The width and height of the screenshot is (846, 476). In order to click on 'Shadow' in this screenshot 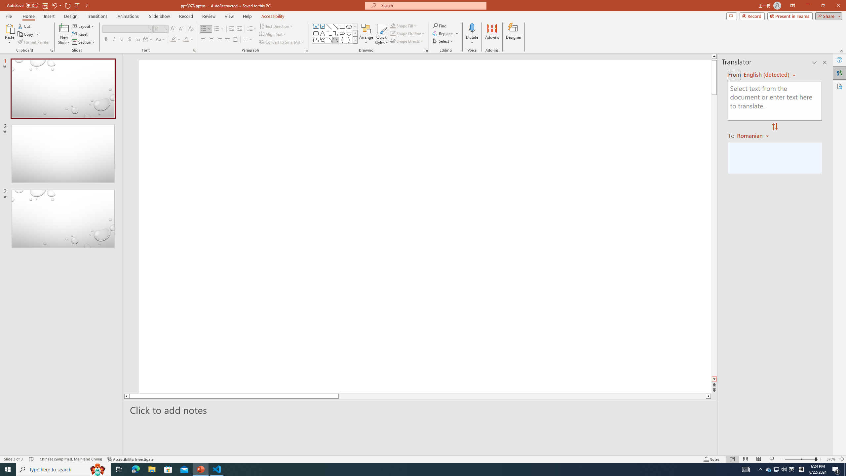, I will do `click(129, 39)`.